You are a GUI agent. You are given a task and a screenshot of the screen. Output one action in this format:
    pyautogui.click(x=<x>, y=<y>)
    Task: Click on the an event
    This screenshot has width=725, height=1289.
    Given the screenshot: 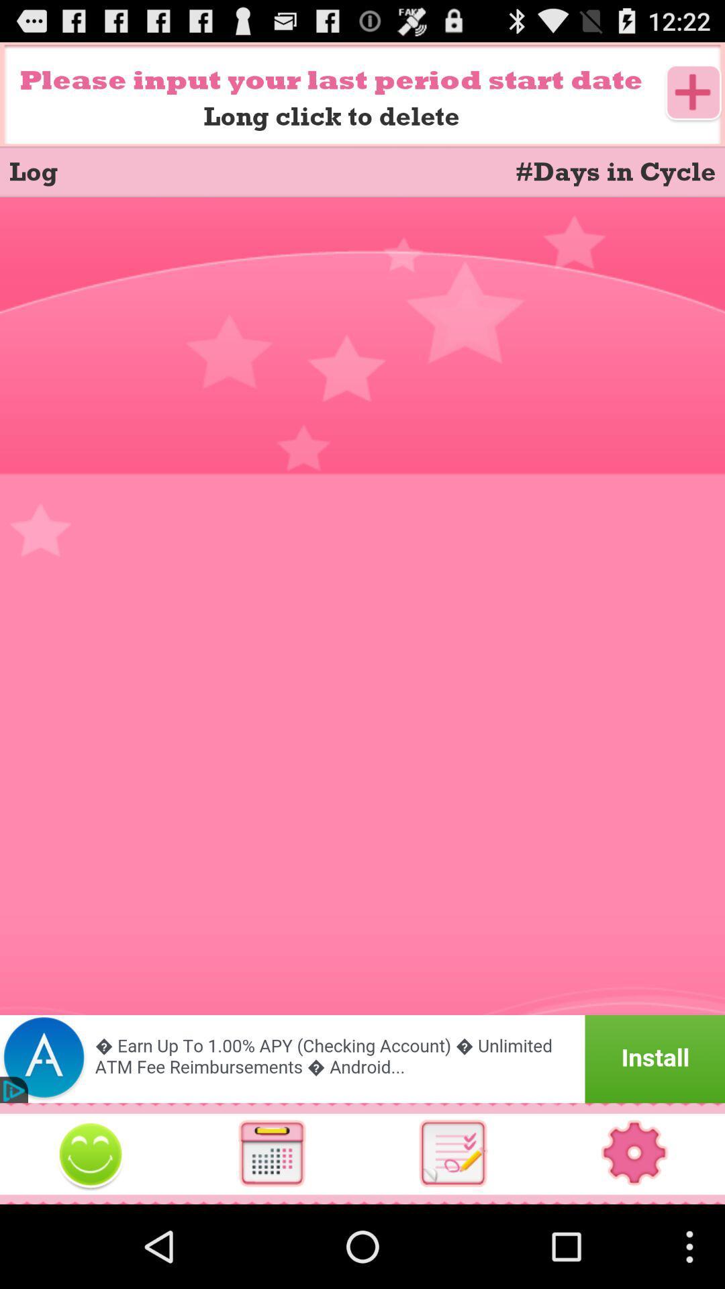 What is the action you would take?
    pyautogui.click(x=693, y=93)
    